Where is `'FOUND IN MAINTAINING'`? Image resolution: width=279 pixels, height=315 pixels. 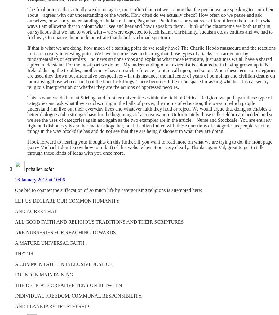
'FOUND IN MAINTAINING' is located at coordinates (44, 274).